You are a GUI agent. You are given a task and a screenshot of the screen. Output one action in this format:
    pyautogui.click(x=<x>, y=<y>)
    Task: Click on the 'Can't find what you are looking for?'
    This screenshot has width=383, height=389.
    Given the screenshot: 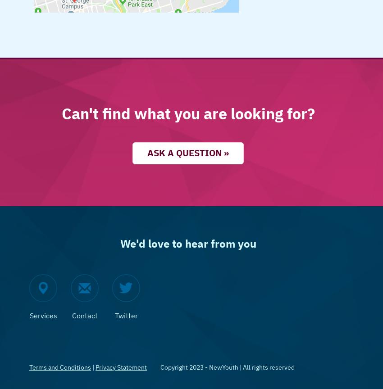 What is the action you would take?
    pyautogui.click(x=188, y=113)
    